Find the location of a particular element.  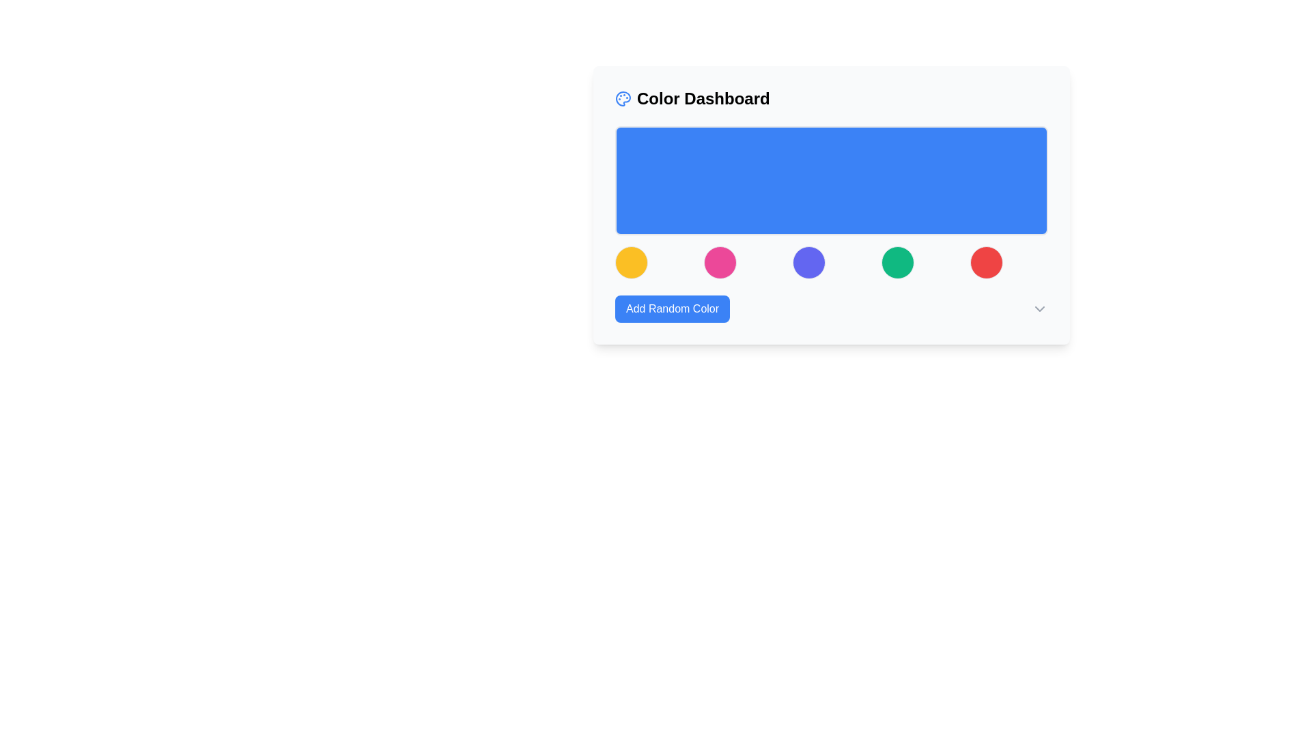

the second circle button from the left in a row of five circles, located below a larger blue rectangle is located at coordinates (720, 263).